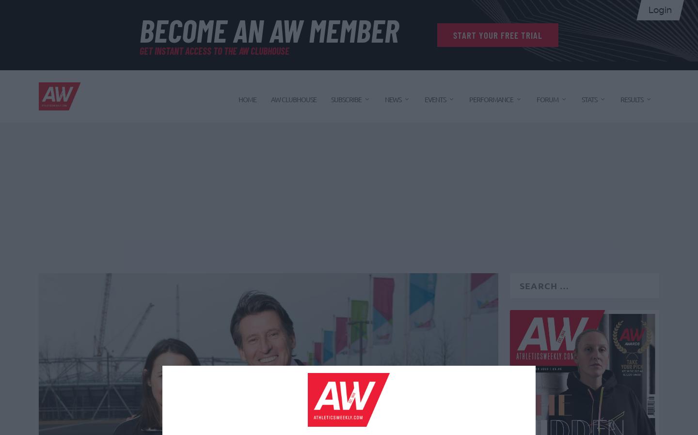 The height and width of the screenshot is (435, 698). Describe the element at coordinates (359, 143) in the screenshot. I see `'Print magazine'` at that location.